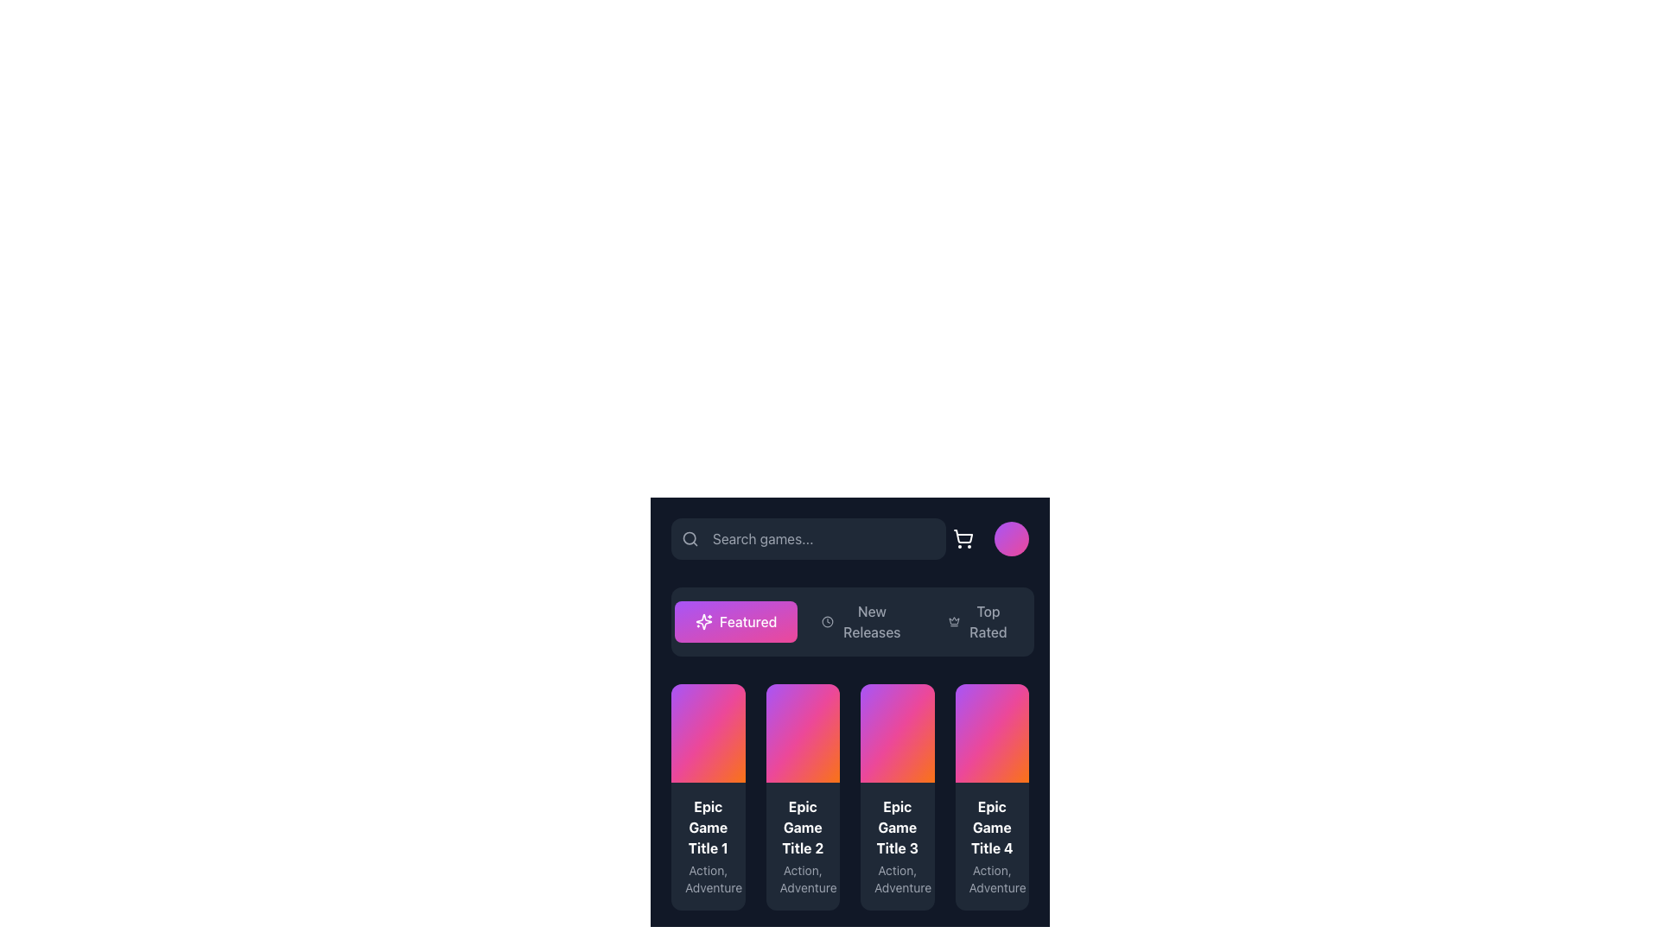 Image resolution: width=1659 pixels, height=933 pixels. I want to click on the text label that informs users about the genres of the game, specifically located beneath the title 'Epic Game Title 1' and above the price information within the leftmost game card, so click(708, 813).